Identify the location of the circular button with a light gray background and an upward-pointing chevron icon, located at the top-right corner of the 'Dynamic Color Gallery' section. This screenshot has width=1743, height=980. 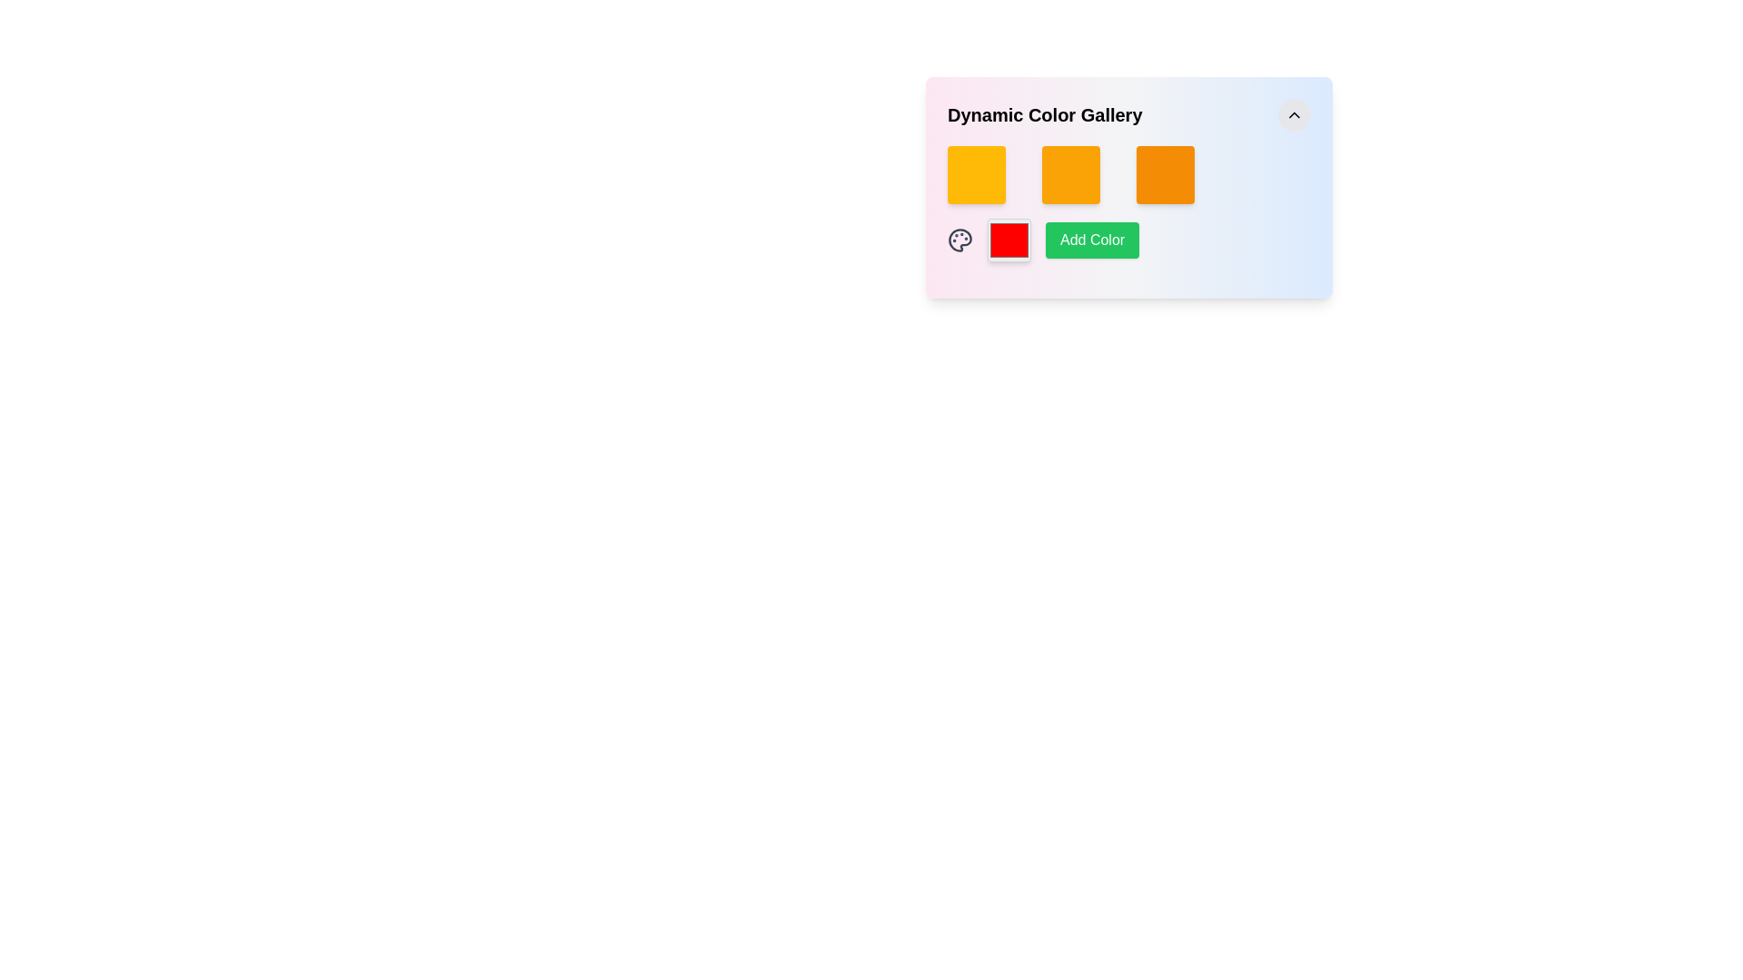
(1293, 115).